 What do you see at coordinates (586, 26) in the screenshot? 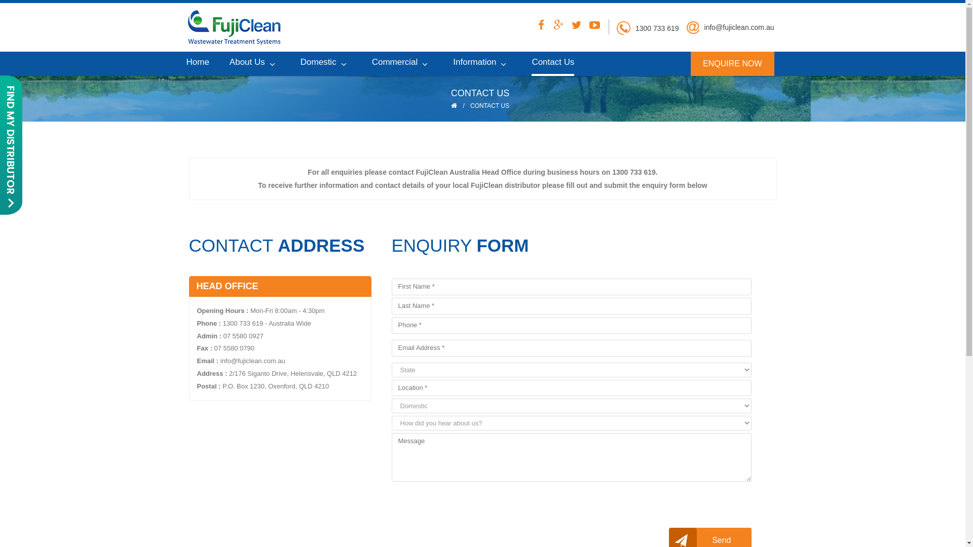
I see `'YouTube'` at bounding box center [586, 26].